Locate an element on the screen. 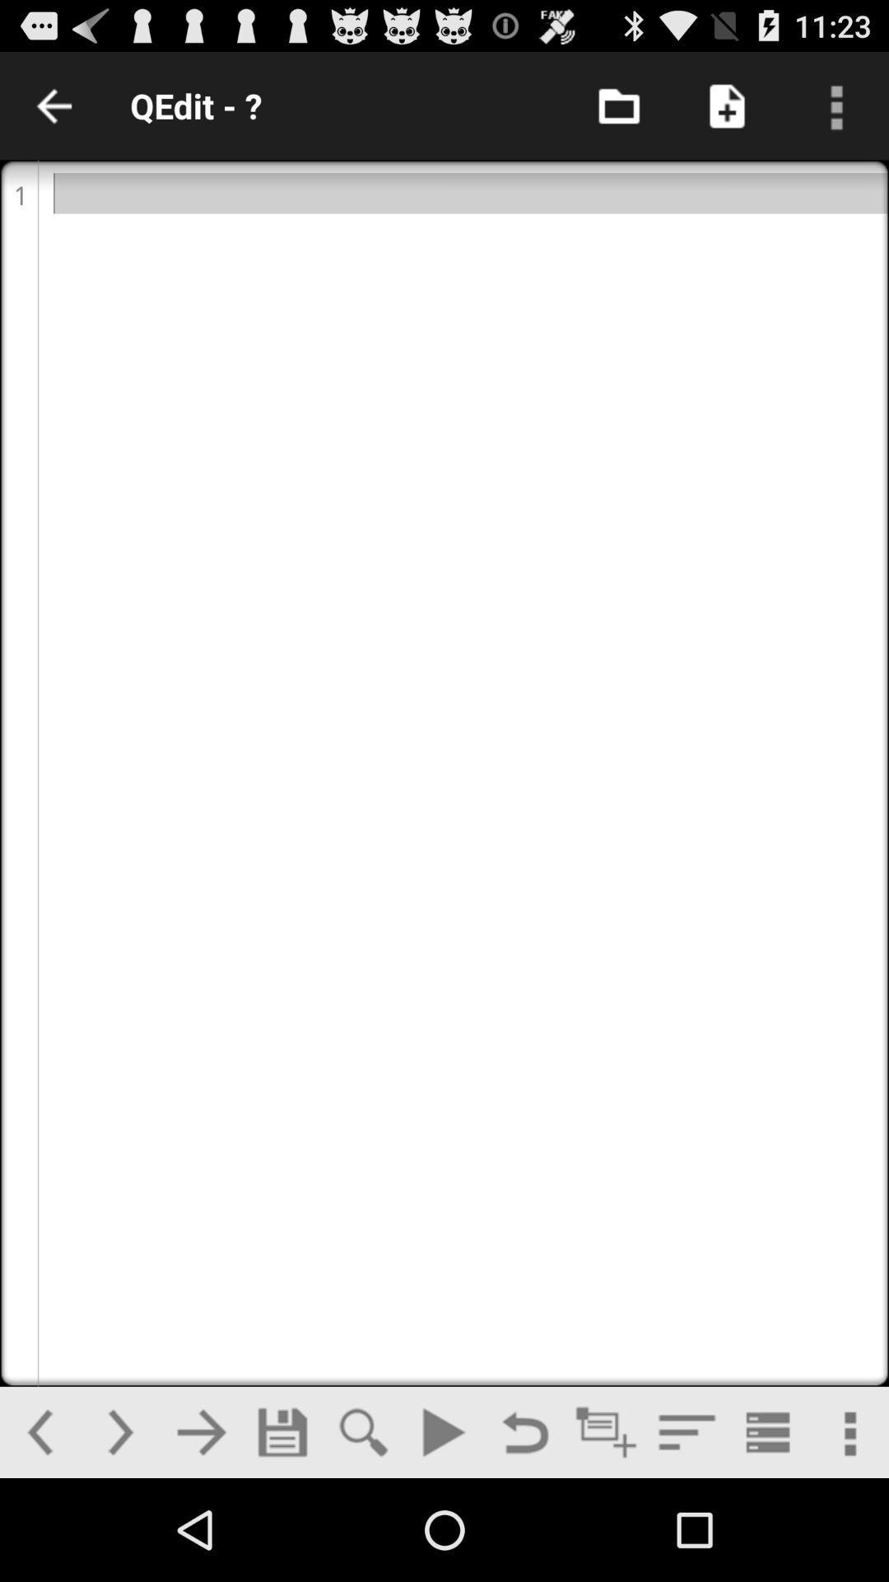 The image size is (889, 1582). play is located at coordinates (443, 1431).